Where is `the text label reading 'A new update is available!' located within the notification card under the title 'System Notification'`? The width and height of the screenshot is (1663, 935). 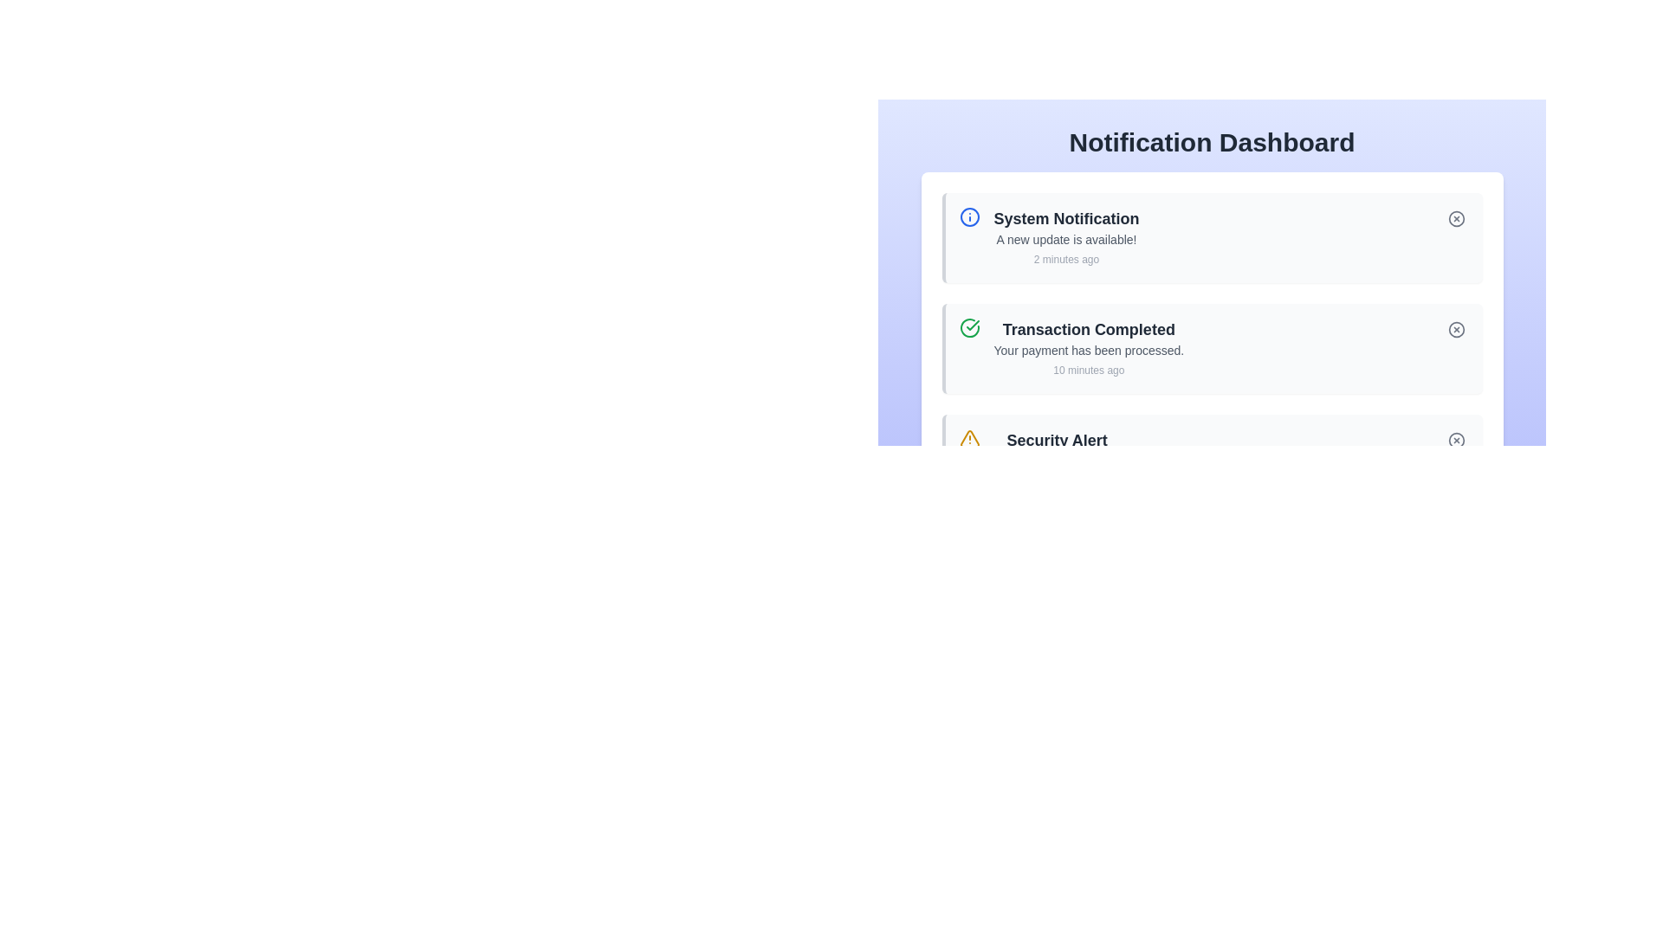 the text label reading 'A new update is available!' located within the notification card under the title 'System Notification' is located at coordinates (1065, 240).